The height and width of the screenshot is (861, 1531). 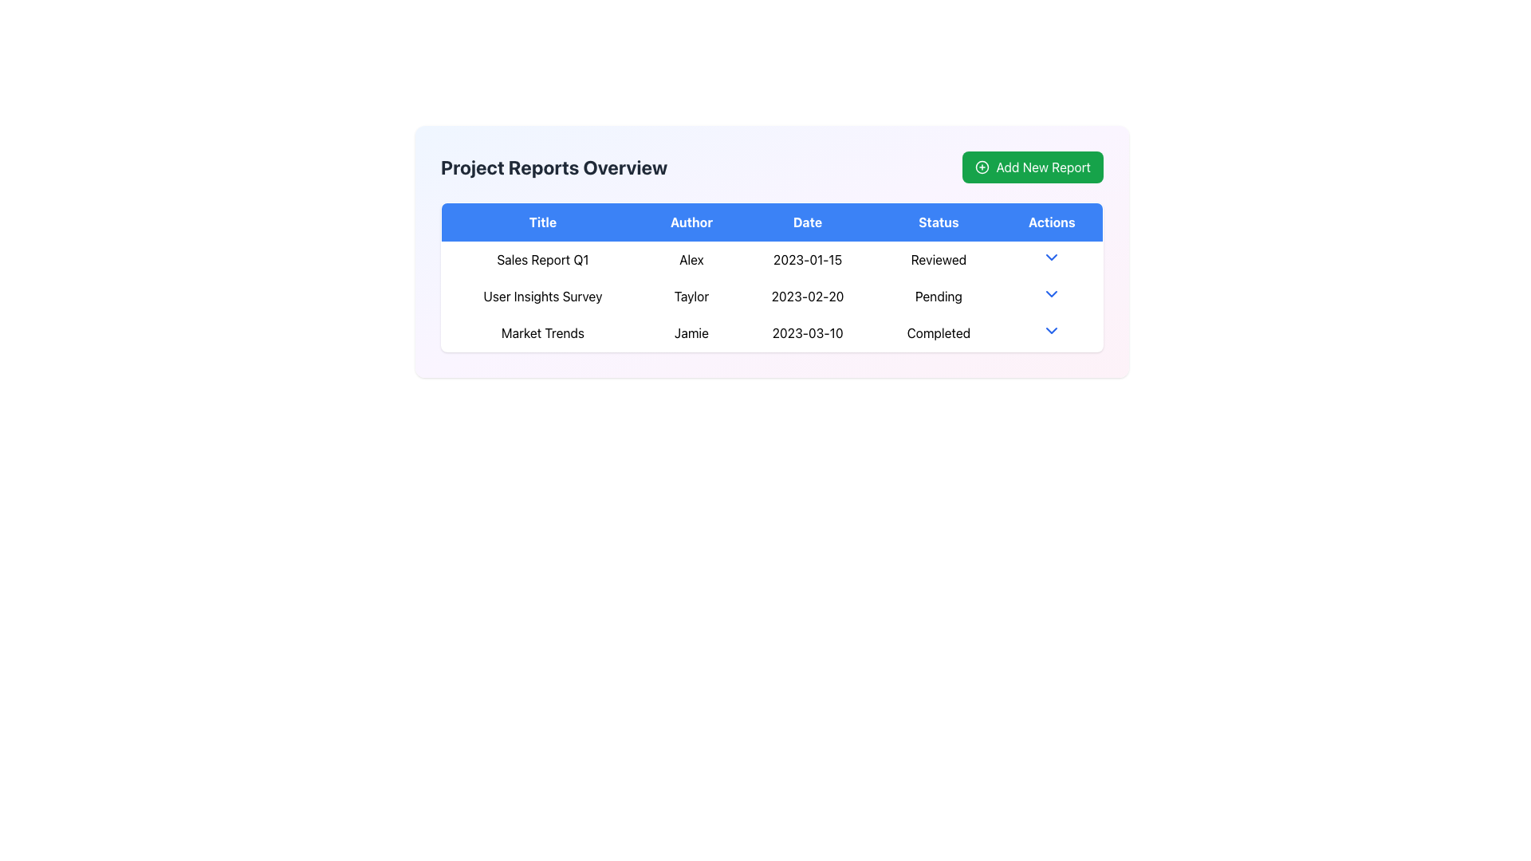 I want to click on the downward-pointing blue arrow icon in the 'Actions' column of the 'User Insights Survey' row, so click(x=1052, y=296).